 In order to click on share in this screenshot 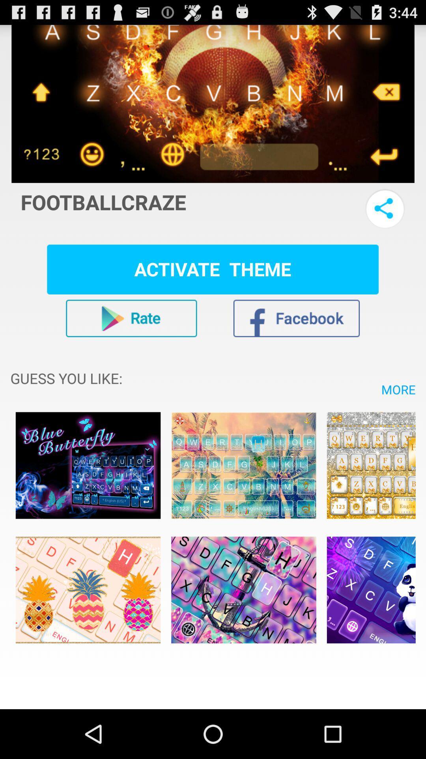, I will do `click(385, 208)`.